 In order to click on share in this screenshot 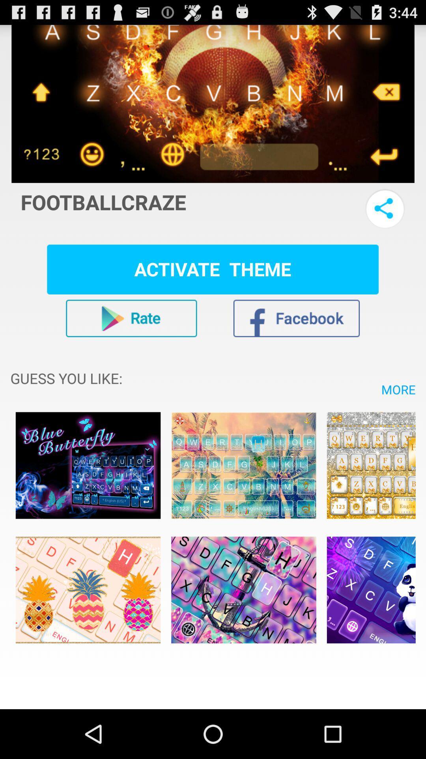, I will do `click(385, 208)`.